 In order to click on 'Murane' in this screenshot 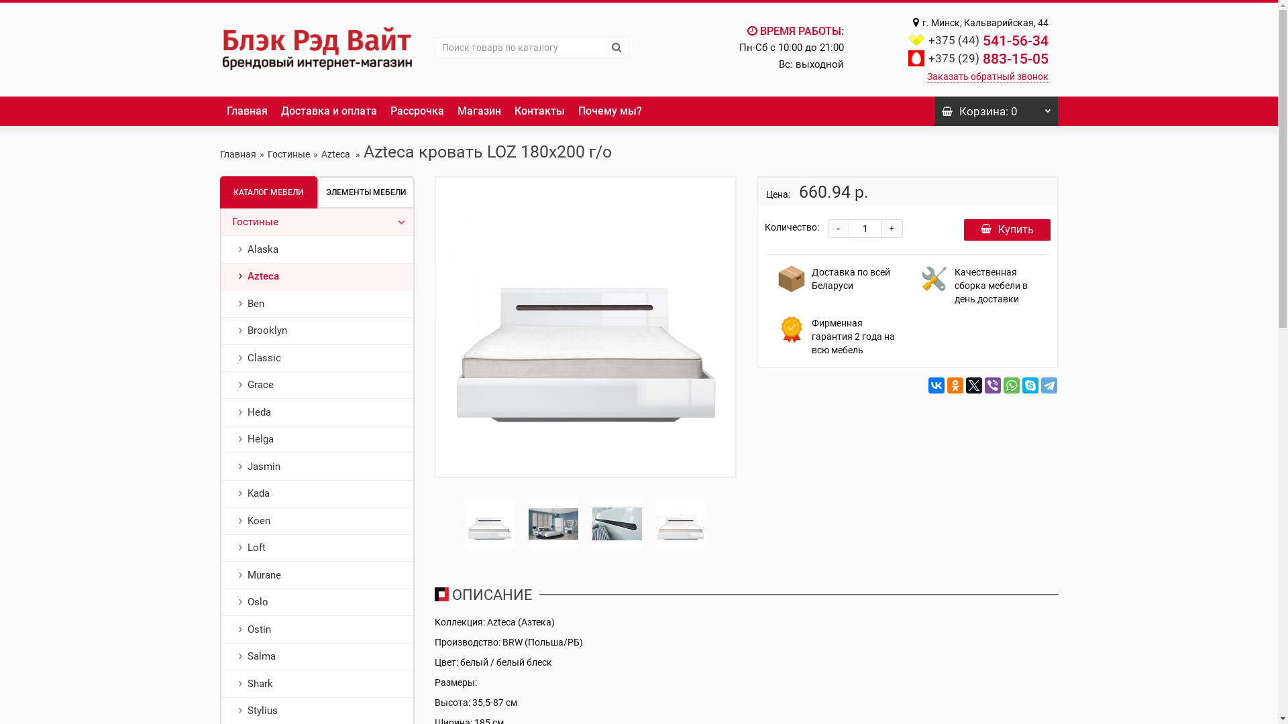, I will do `click(317, 574)`.